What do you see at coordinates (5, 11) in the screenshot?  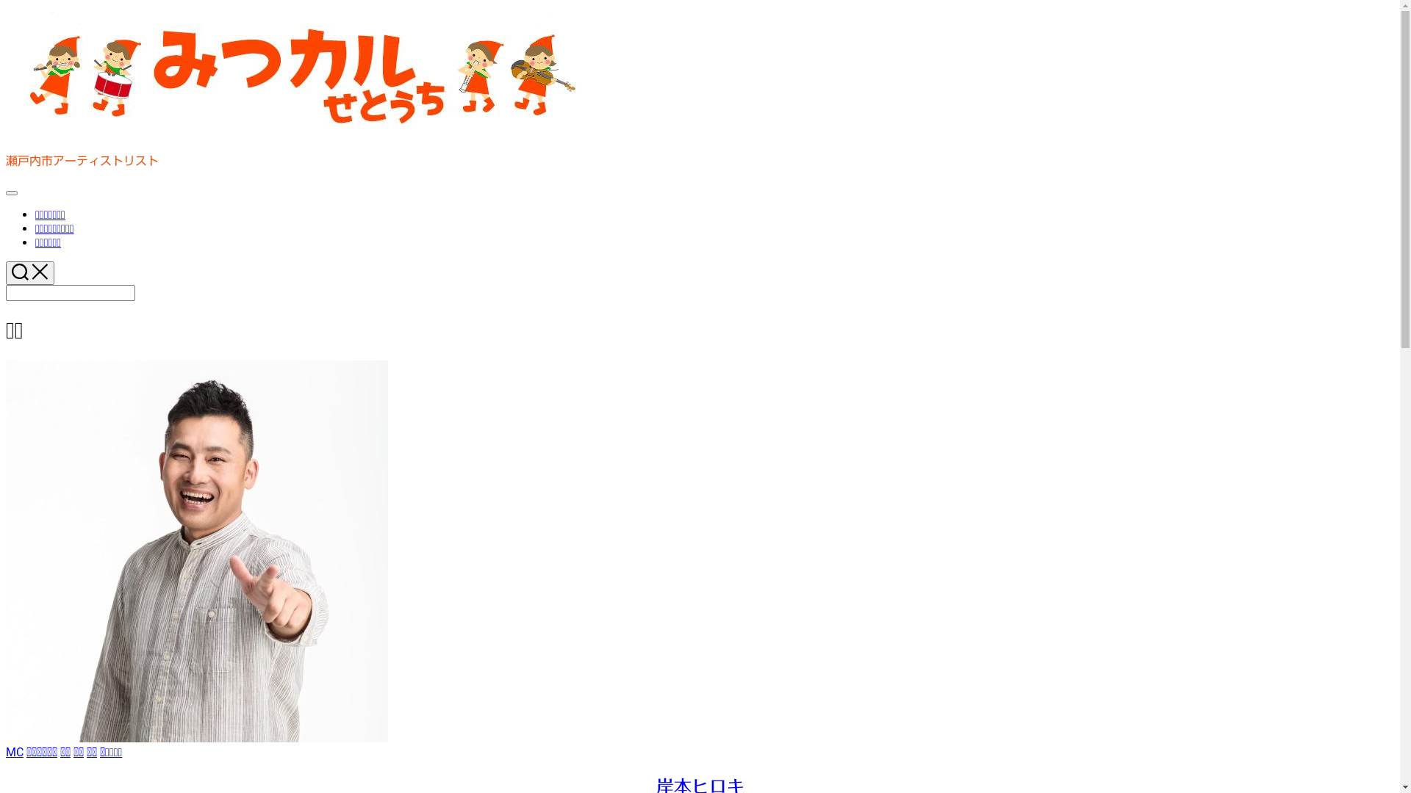 I see `'Skip to content'` at bounding box center [5, 11].